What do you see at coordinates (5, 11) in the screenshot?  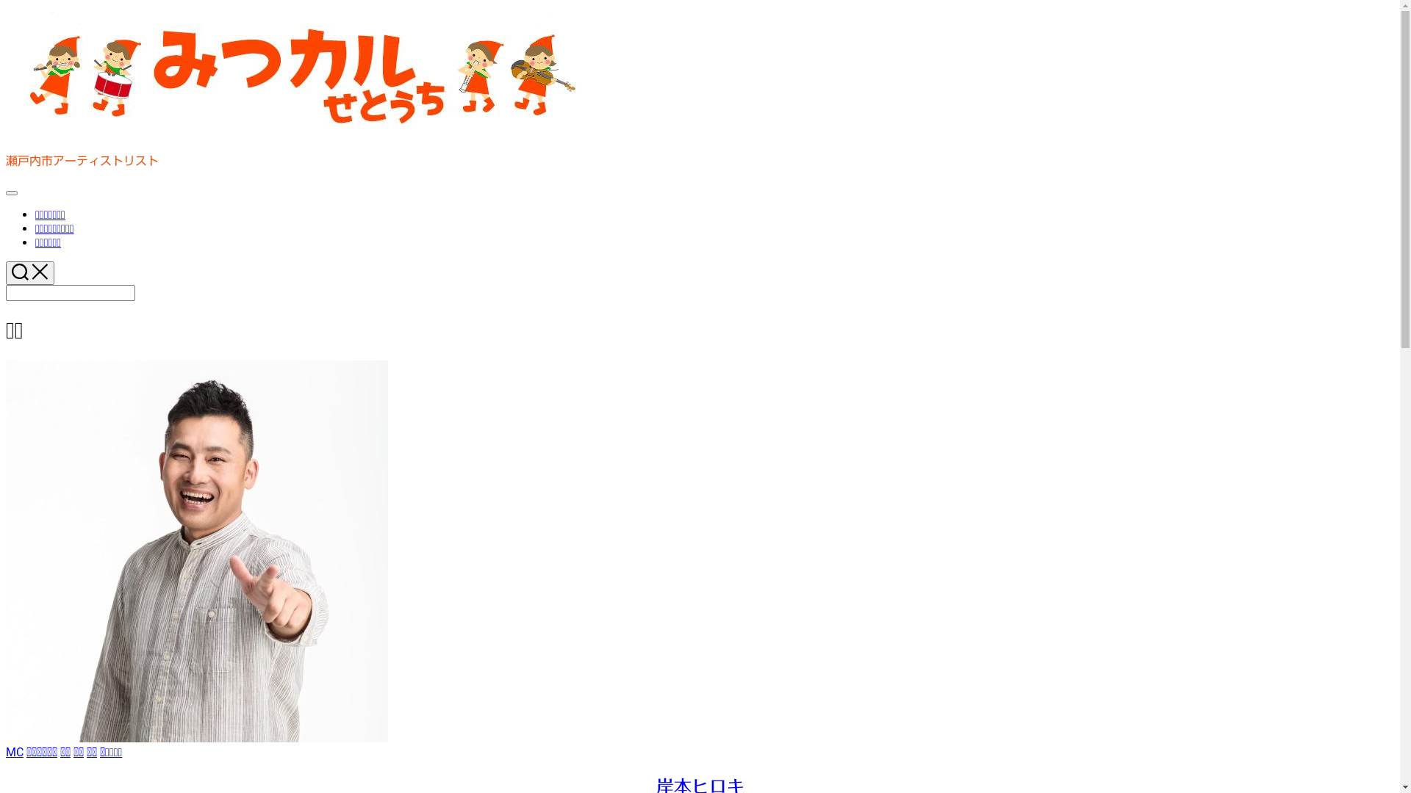 I see `'Skip to content'` at bounding box center [5, 11].